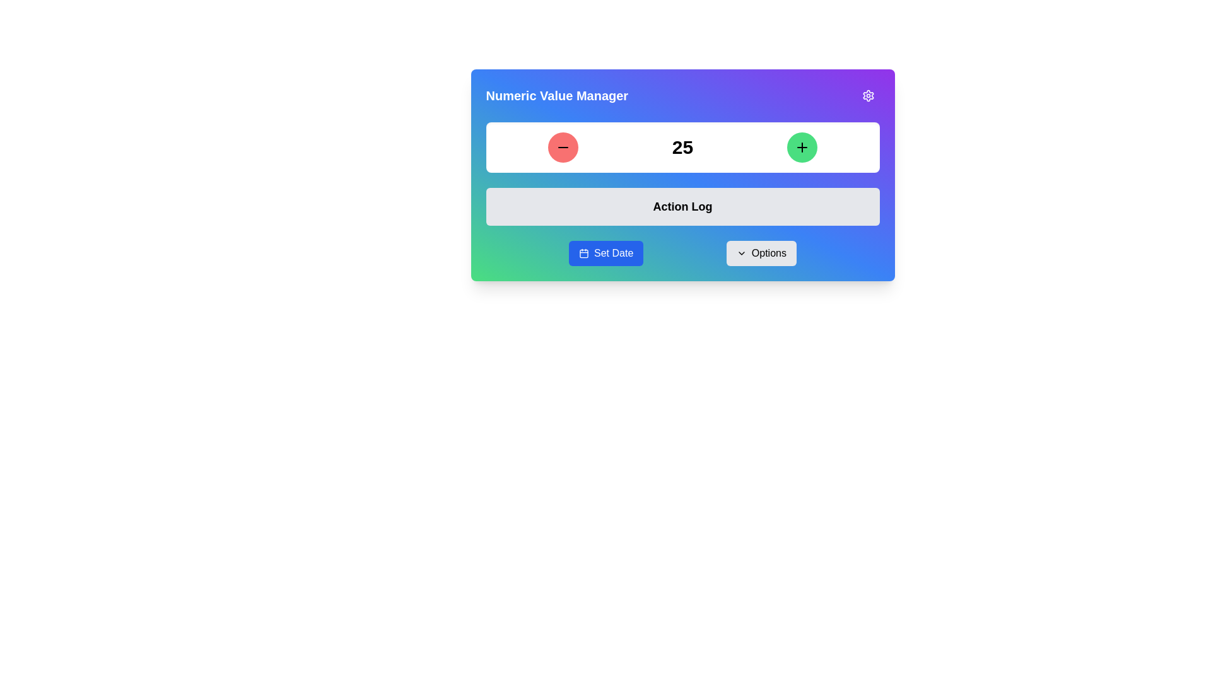  I want to click on the icon that indicates clicking the 'Options' button will reveal additional choices, located directly to the left of the text 'Options' and centered vertically within the button, so click(741, 253).